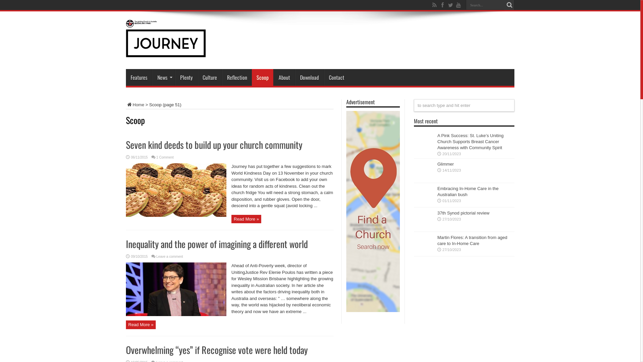 The width and height of the screenshot is (643, 362). I want to click on 'About', so click(284, 77).